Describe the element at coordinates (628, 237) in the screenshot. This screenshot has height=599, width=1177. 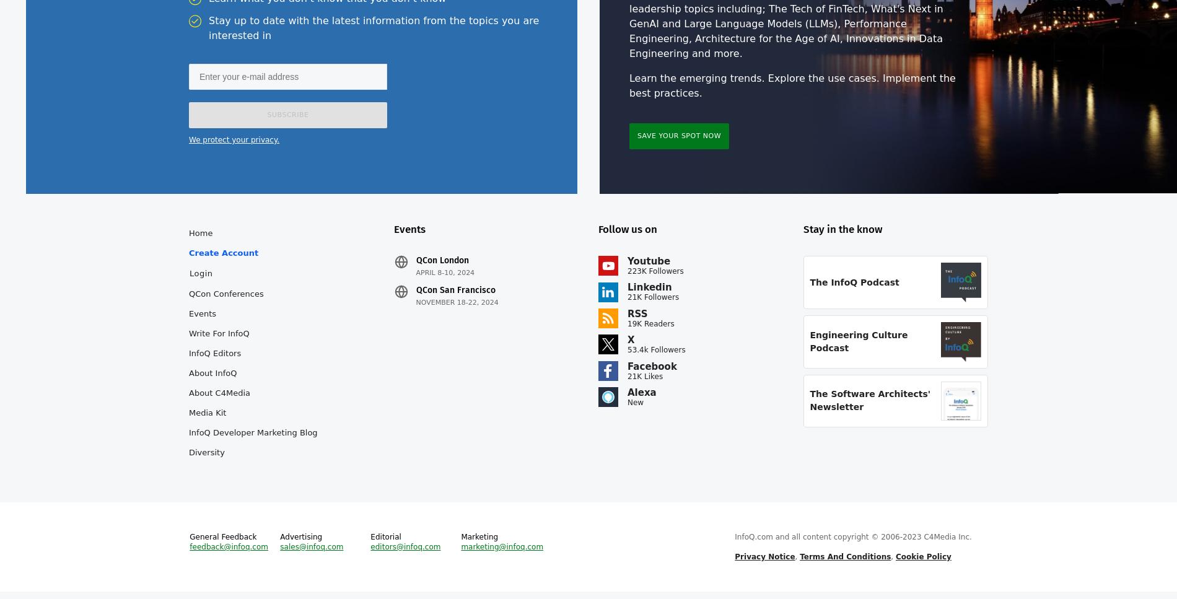
I see `'Follow us on'` at that location.